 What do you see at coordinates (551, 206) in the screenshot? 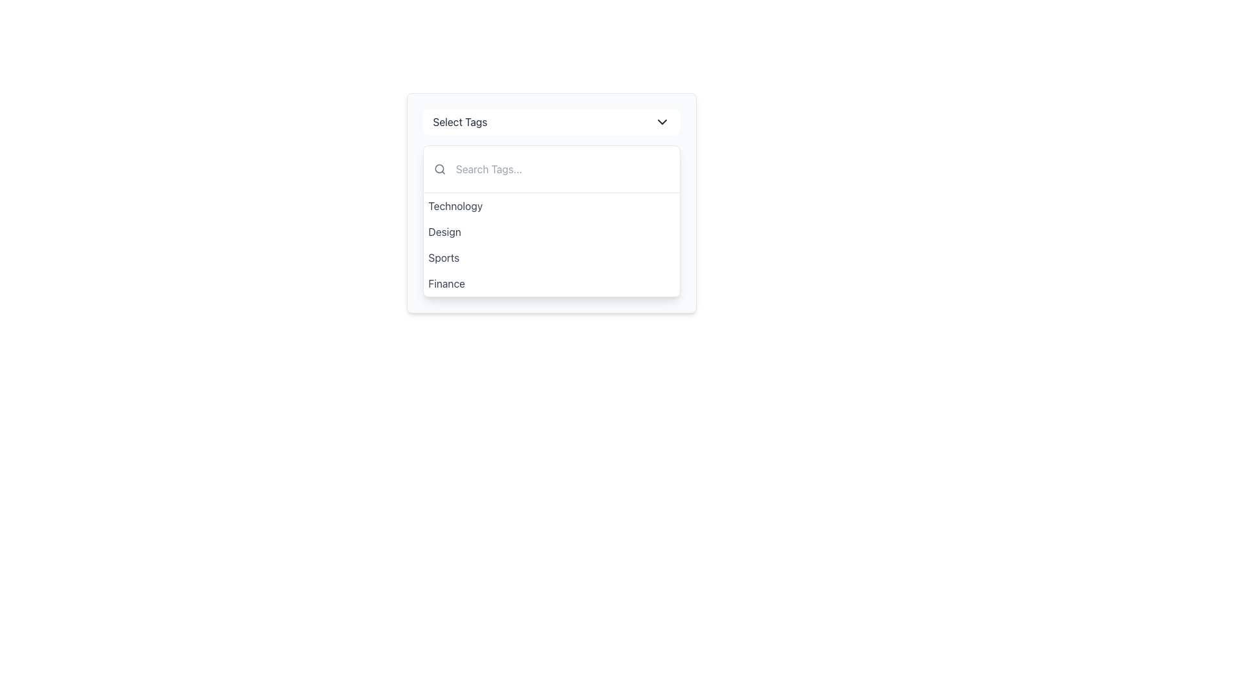
I see `to select the 'Technology' category from the first item in the dropdown menu labeled 'Select Tags'` at bounding box center [551, 206].